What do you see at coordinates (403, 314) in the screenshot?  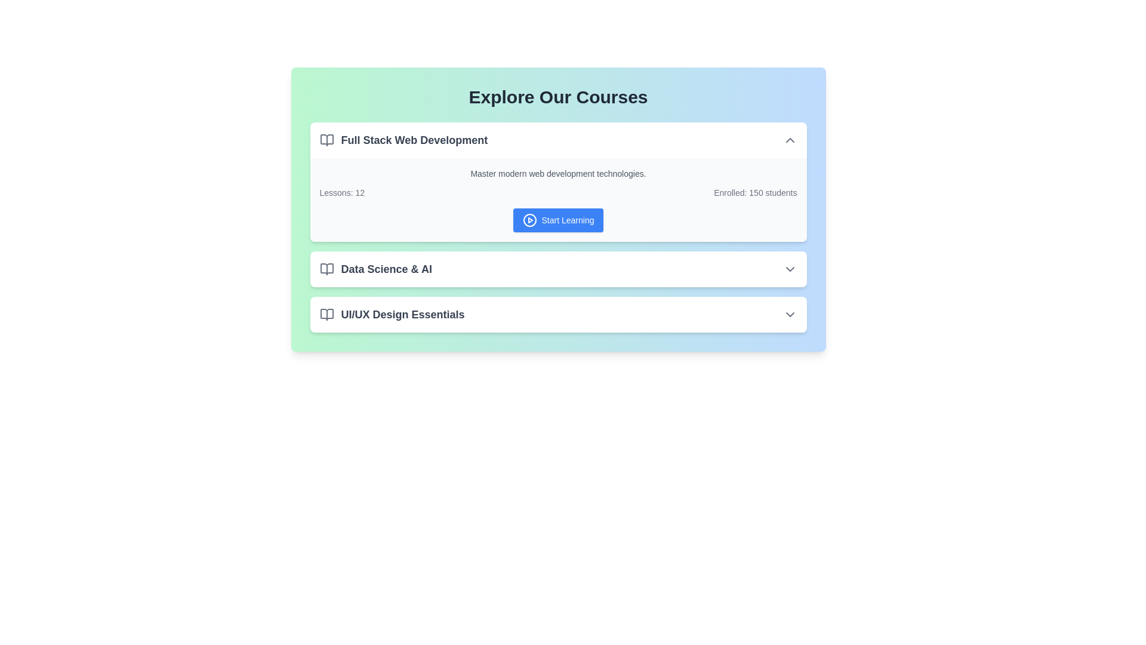 I see `text label that serves as the title for the course 'UI/UX Design Essentials', which is centered in the third box of the course list` at bounding box center [403, 314].